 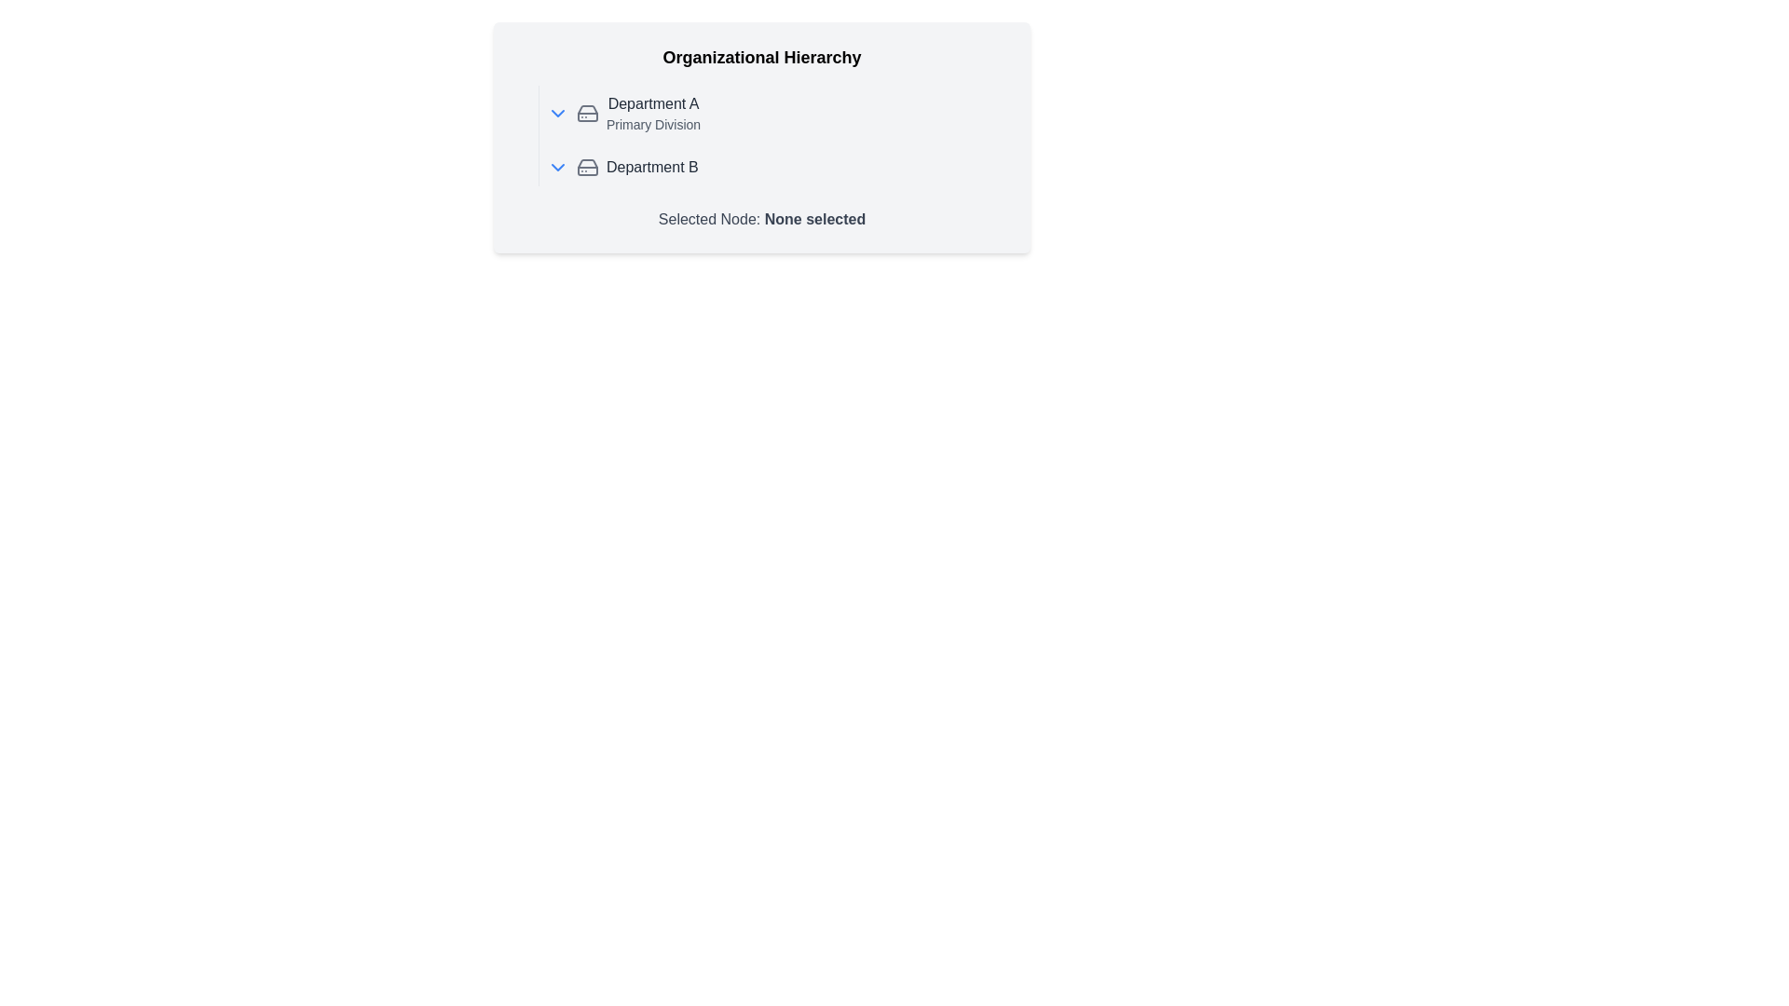 What do you see at coordinates (653, 125) in the screenshot?
I see `the 'Primary Division' static text label, which is a smaller, gray font label located below 'Department A'` at bounding box center [653, 125].